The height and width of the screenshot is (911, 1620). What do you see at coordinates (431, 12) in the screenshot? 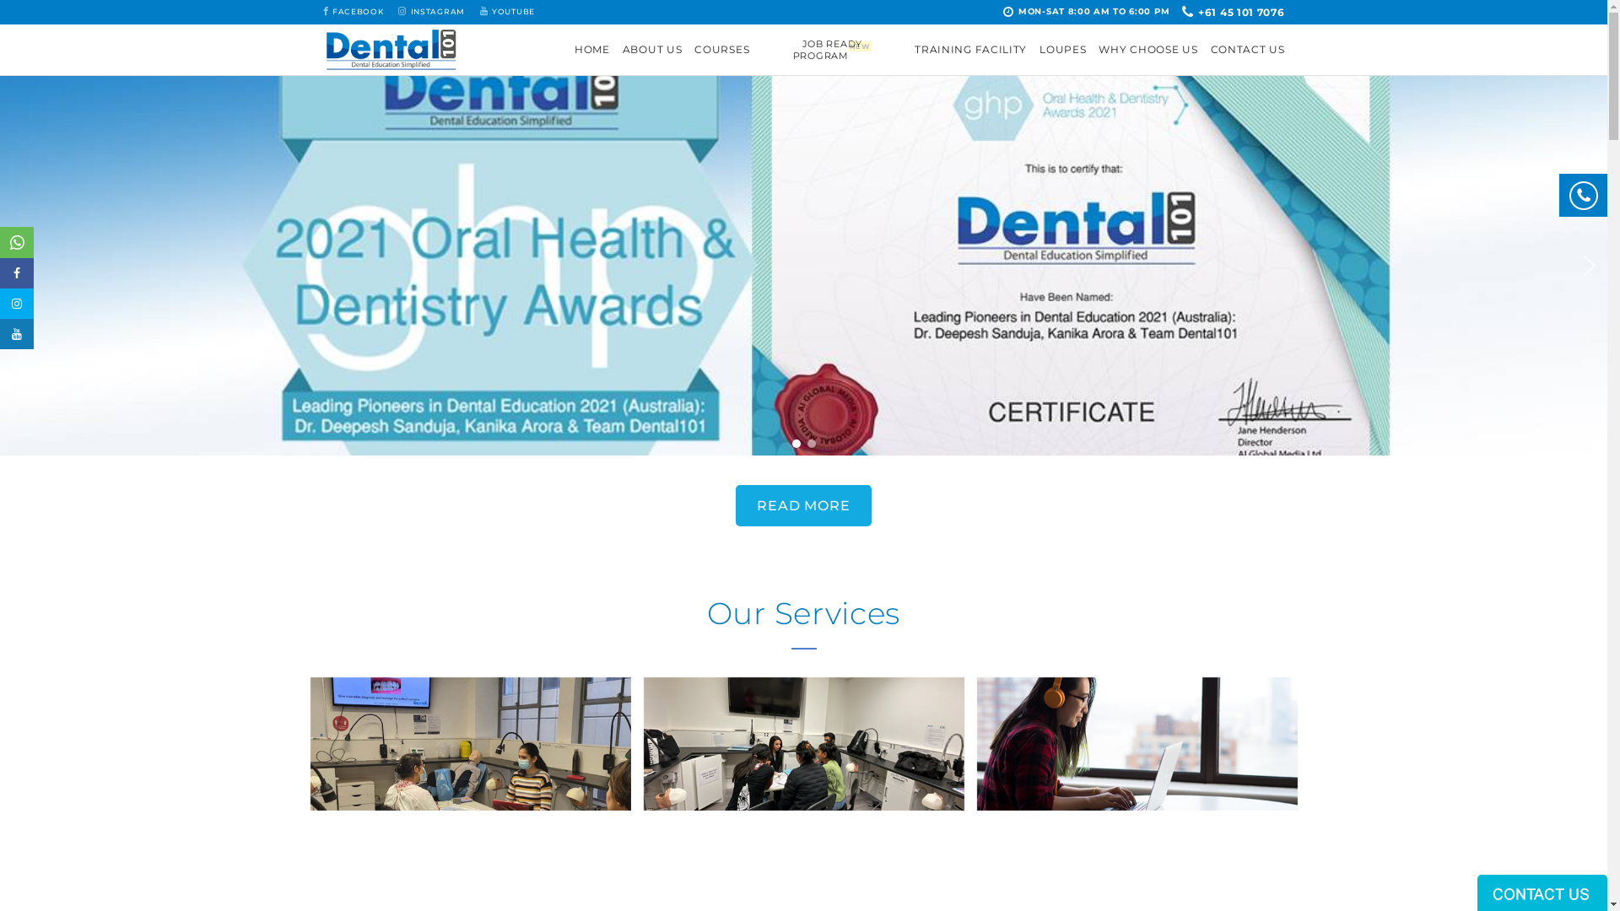
I see `'INSTAGRAM'` at bounding box center [431, 12].